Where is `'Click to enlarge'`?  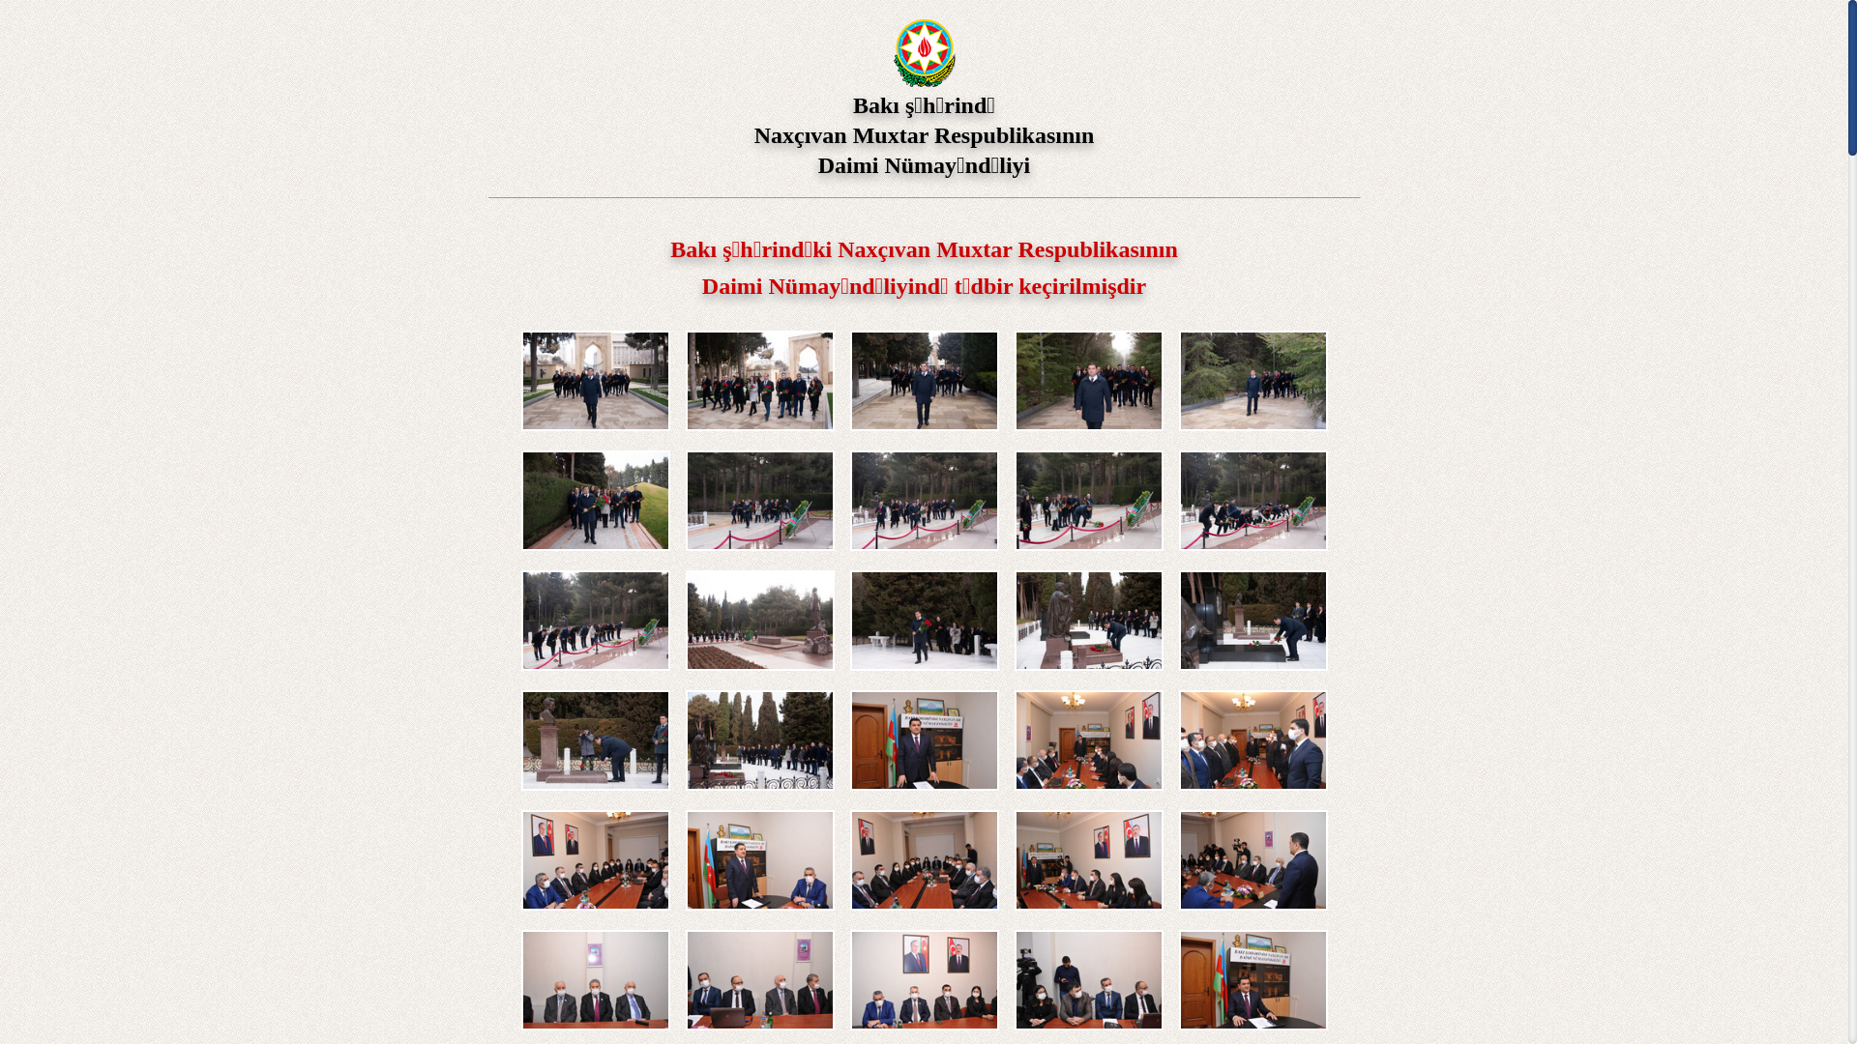 'Click to enlarge' is located at coordinates (758, 620).